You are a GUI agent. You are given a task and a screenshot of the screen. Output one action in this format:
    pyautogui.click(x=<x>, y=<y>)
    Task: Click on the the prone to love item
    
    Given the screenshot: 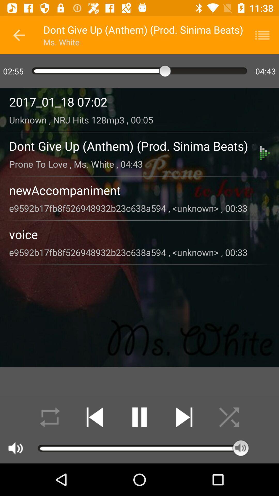 What is the action you would take?
    pyautogui.click(x=134, y=164)
    